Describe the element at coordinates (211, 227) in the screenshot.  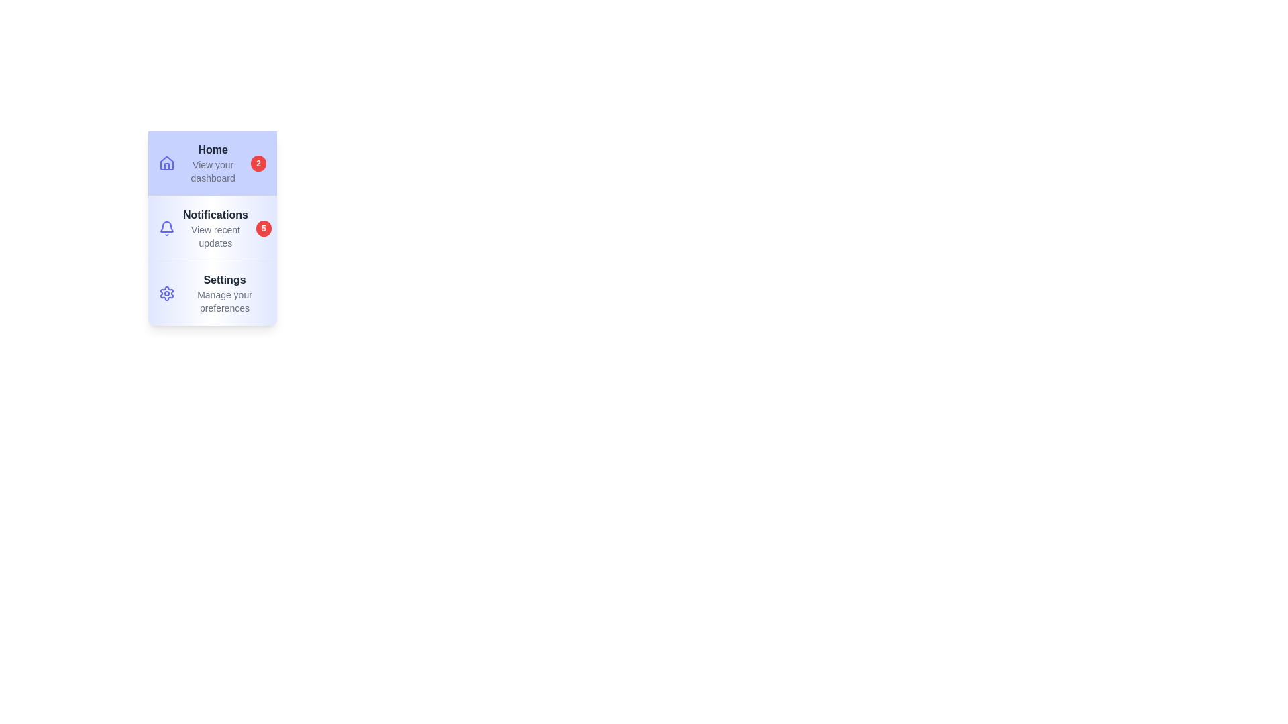
I see `the menu item labeled Notifications` at that location.